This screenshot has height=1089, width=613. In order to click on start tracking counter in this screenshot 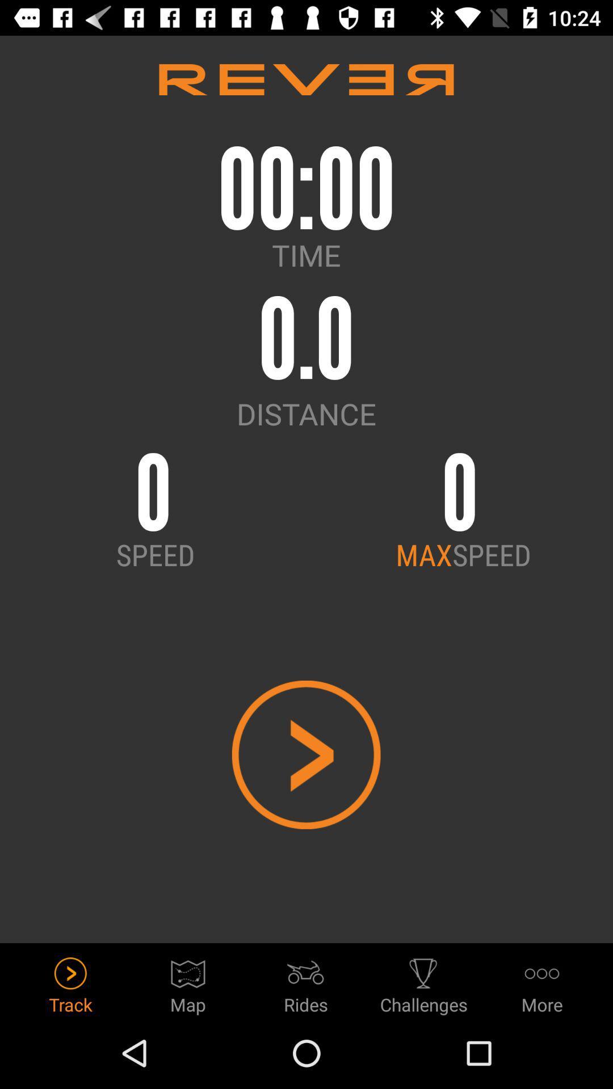, I will do `click(305, 754)`.